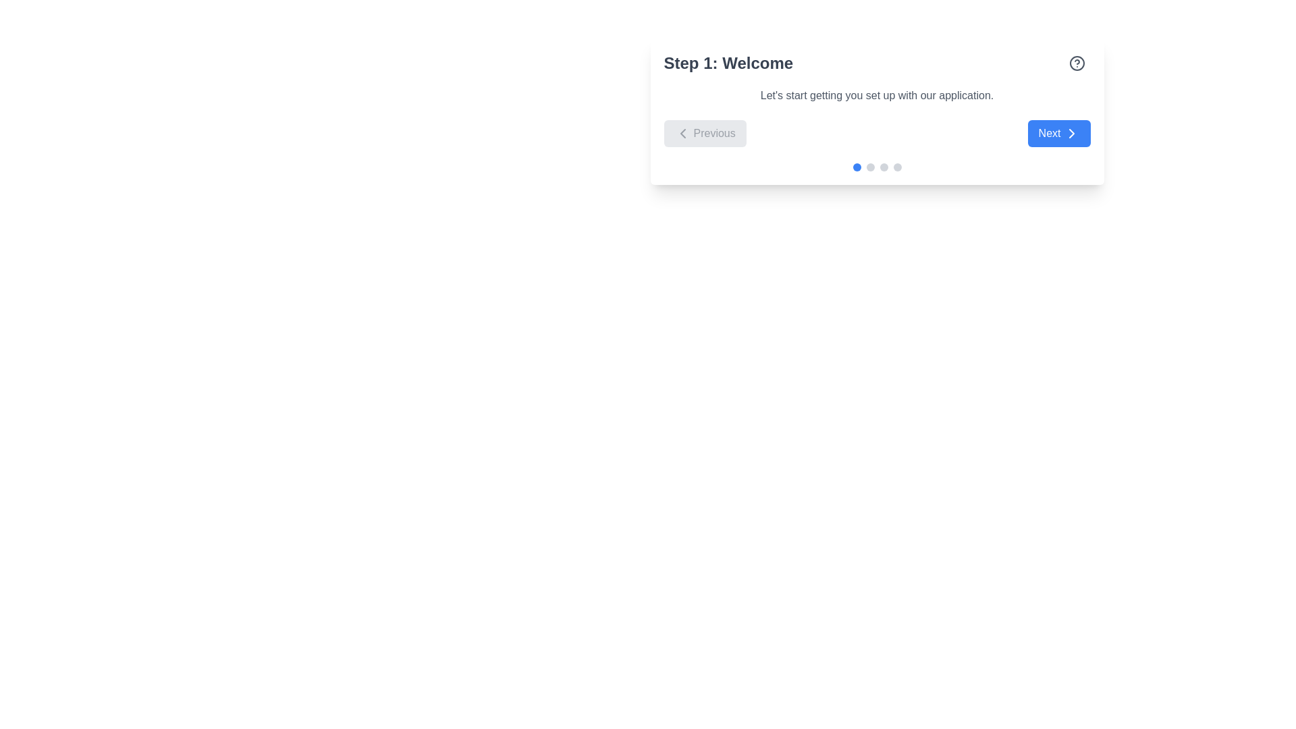  Describe the element at coordinates (1076, 63) in the screenshot. I see `the circular help icon, which is outlined with a gray stroke, located adjacent to the text 'Step 1: Welcome'` at that location.